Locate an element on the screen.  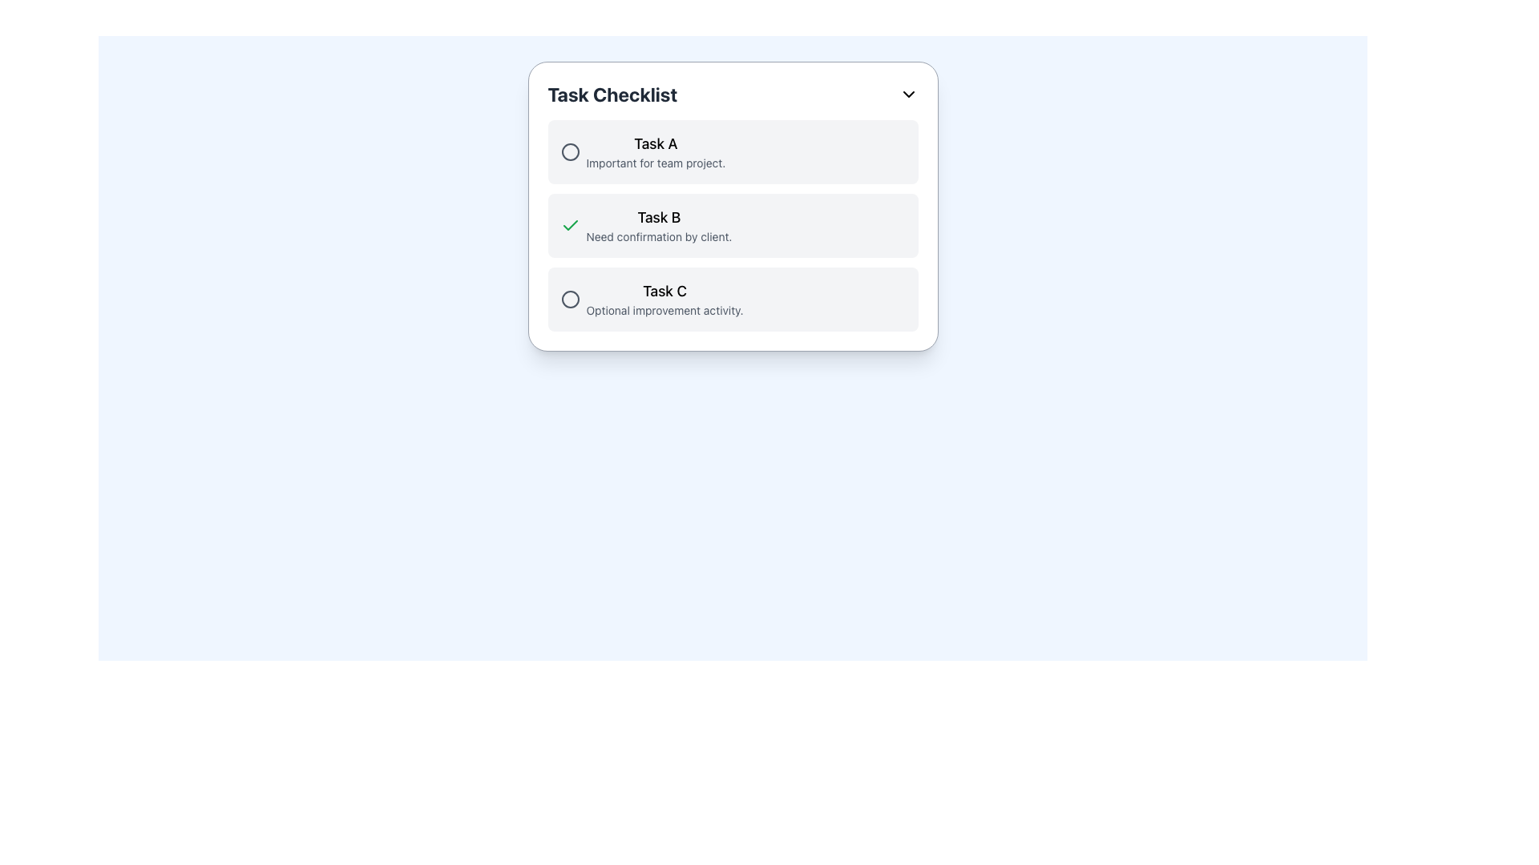
the third list item labeled 'Task C' in the 'Task Checklist' section is located at coordinates (732, 300).